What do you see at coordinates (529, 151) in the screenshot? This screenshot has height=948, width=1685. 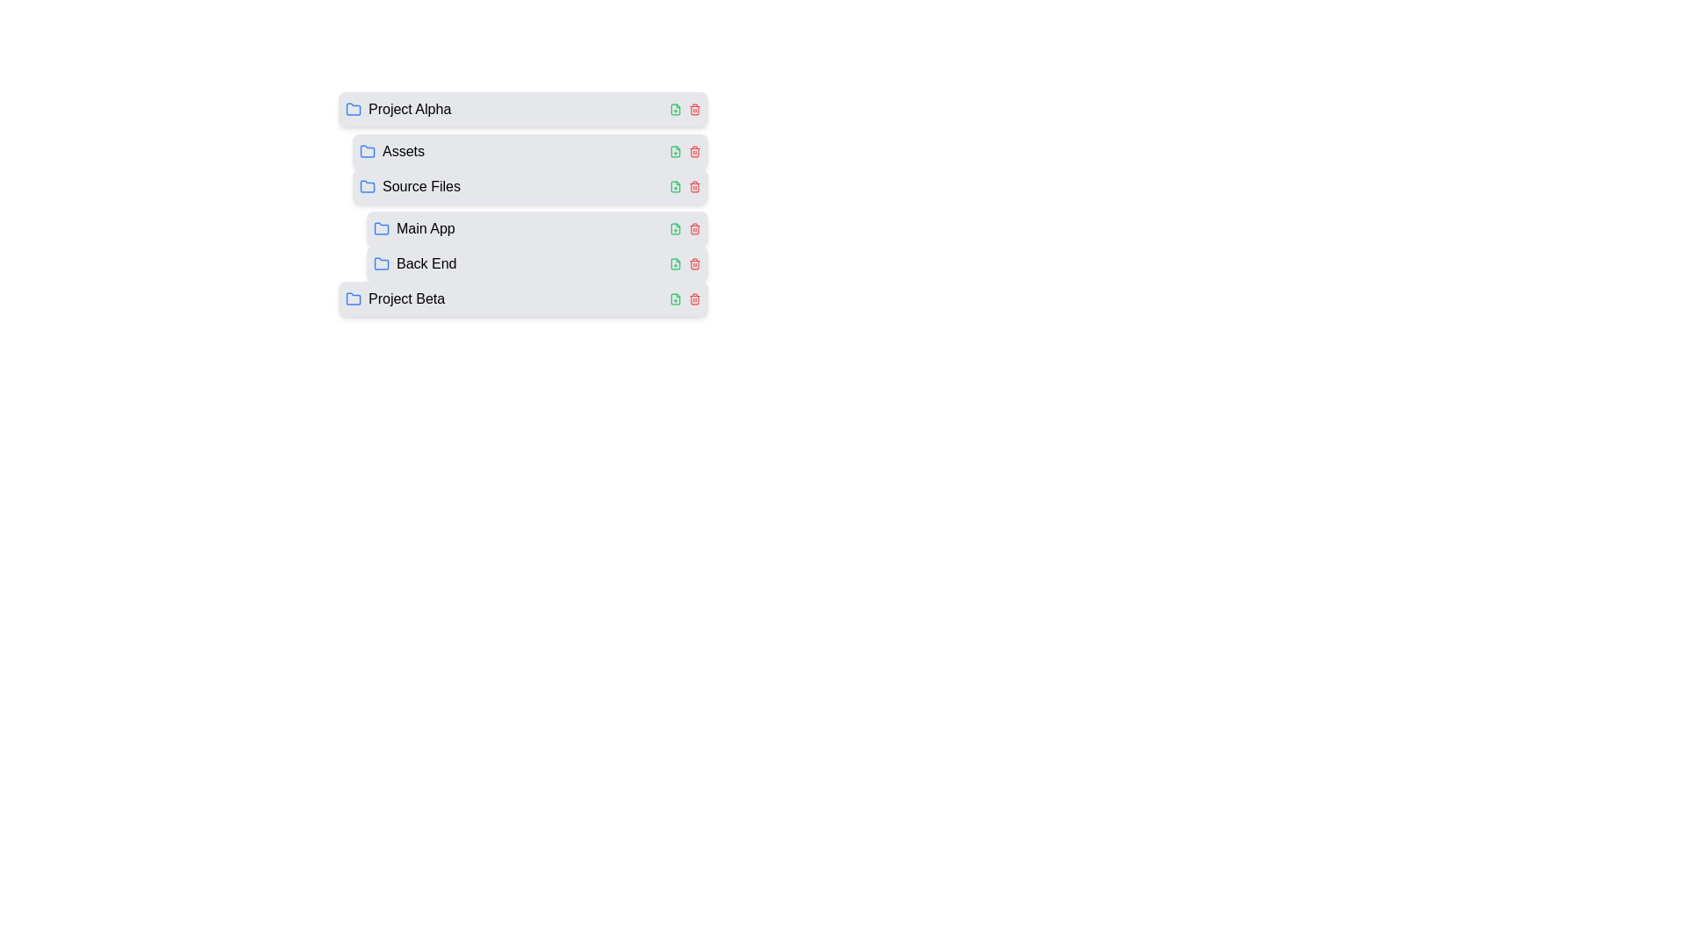 I see `the 'Assets' folder item located` at bounding box center [529, 151].